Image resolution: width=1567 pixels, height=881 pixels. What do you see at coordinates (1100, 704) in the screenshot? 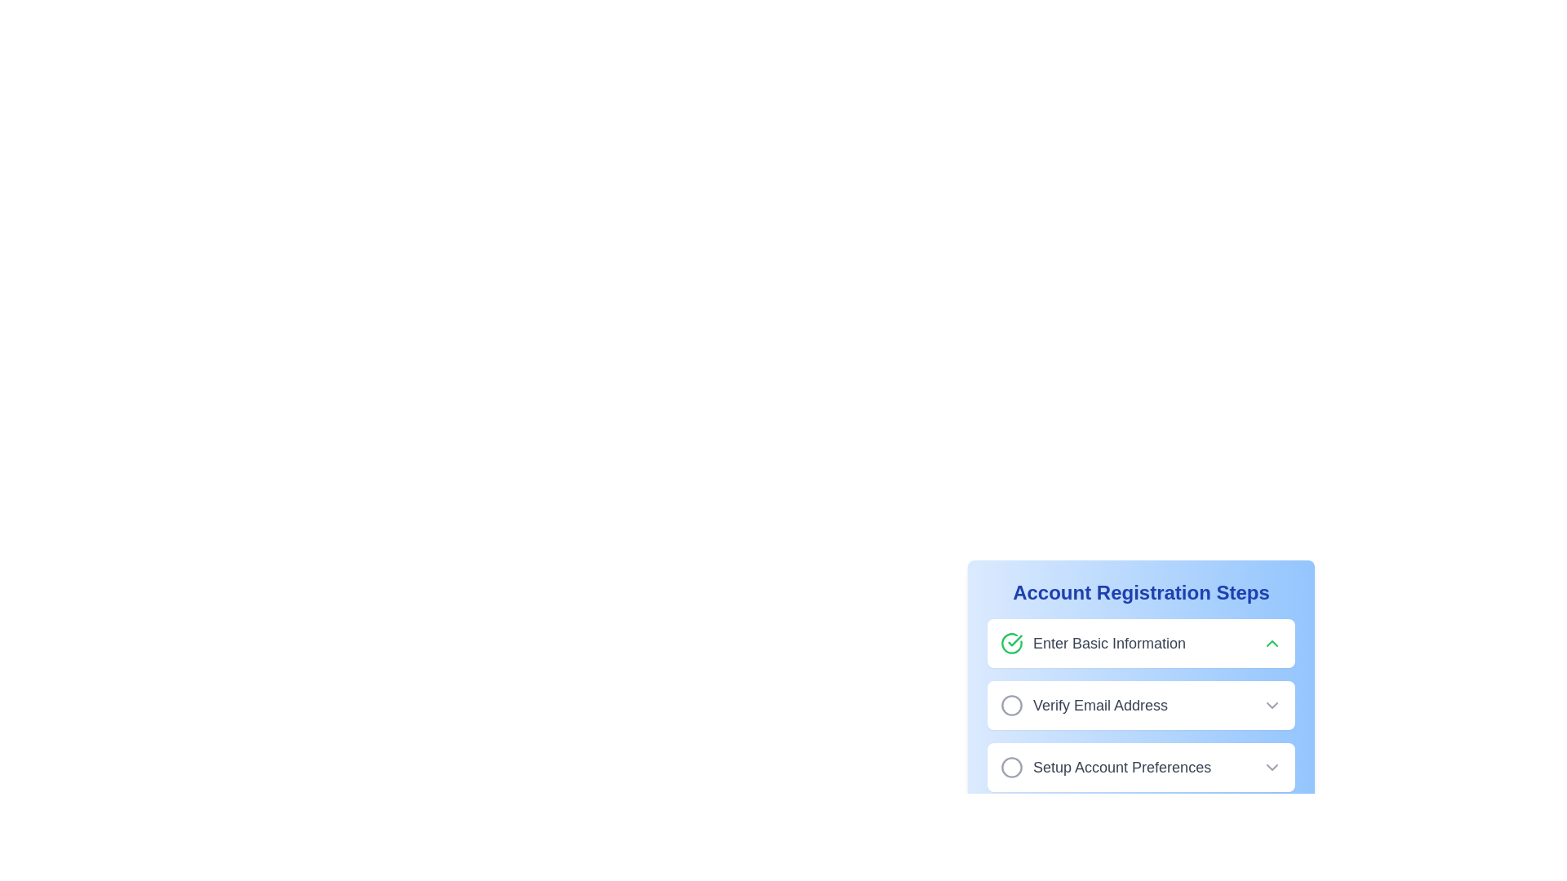
I see `the email verification text label in the account registration steps, which is the second item in a vertical list aligned with a circular icon on its left` at bounding box center [1100, 704].